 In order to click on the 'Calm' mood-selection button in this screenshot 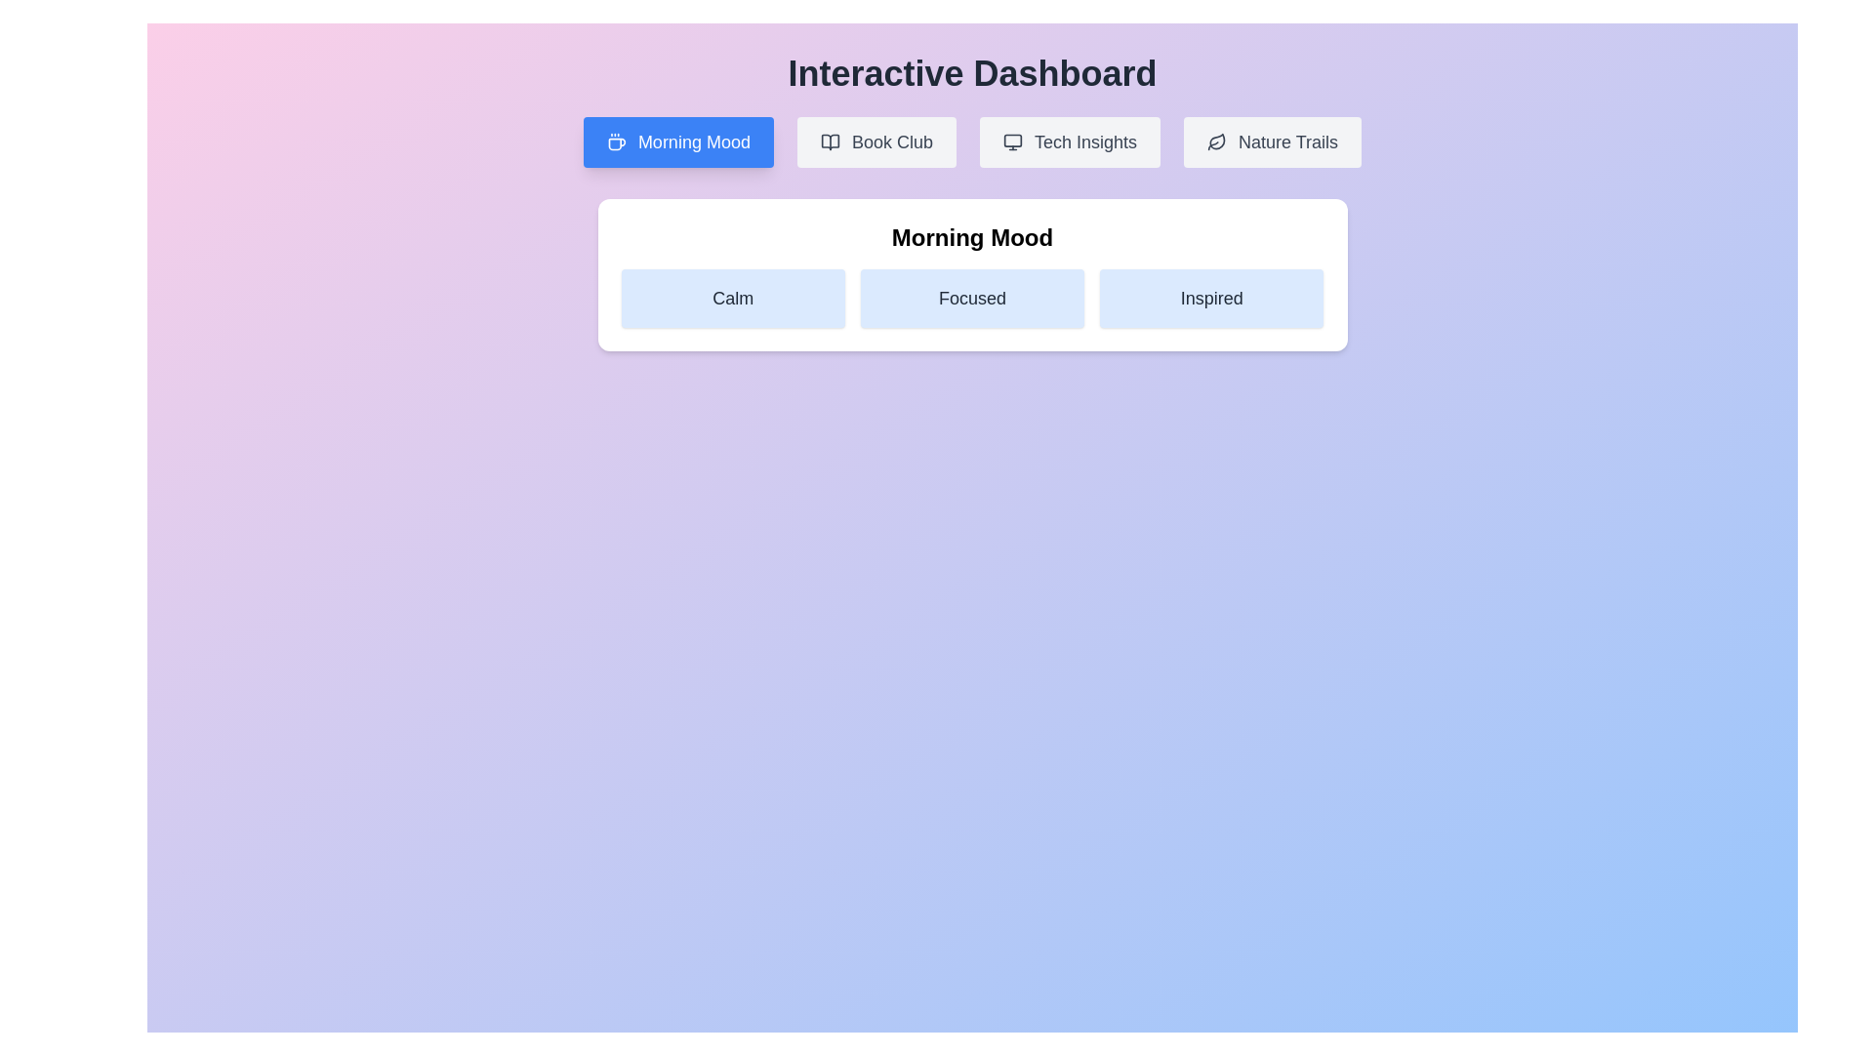, I will do `click(732, 298)`.